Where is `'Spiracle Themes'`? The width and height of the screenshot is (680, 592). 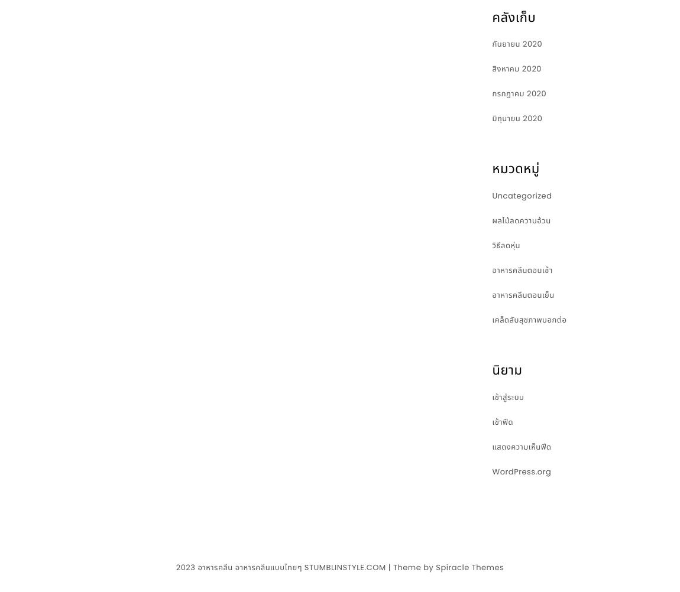 'Spiracle Themes' is located at coordinates (469, 566).